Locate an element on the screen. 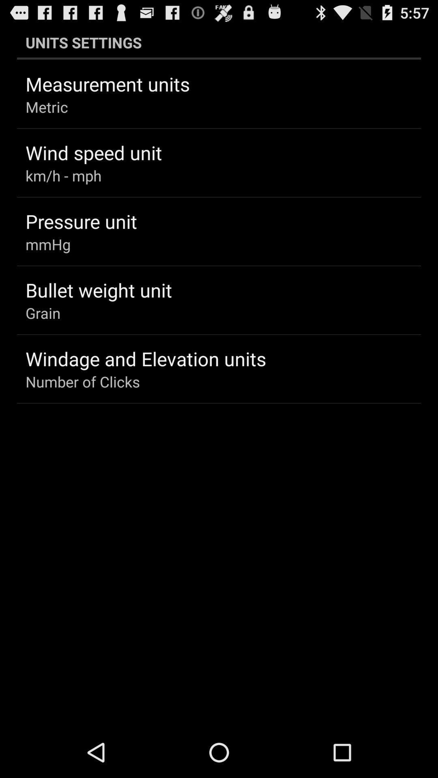 The width and height of the screenshot is (438, 778). the icon below mmhg app is located at coordinates (98, 290).